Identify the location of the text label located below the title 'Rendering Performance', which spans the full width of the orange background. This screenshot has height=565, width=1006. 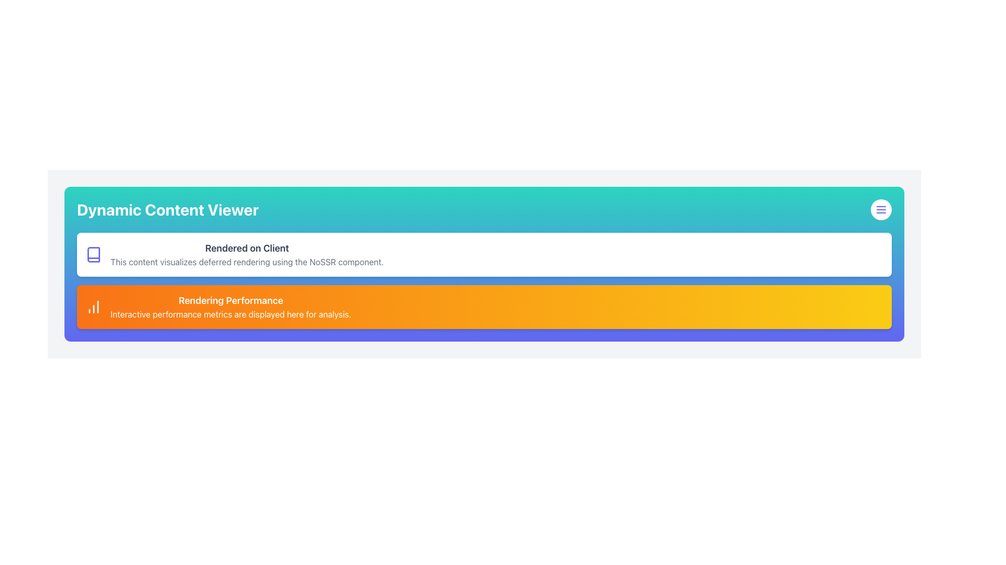
(230, 314).